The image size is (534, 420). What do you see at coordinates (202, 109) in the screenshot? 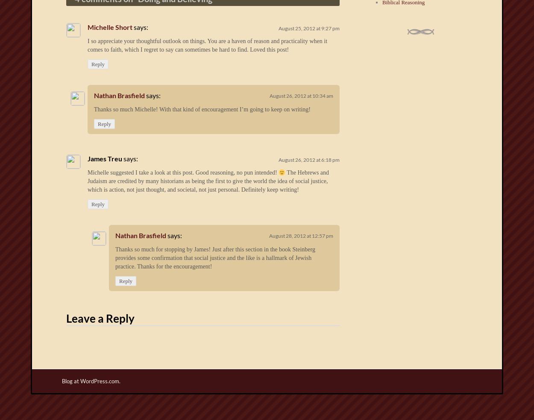
I see `'Thanks so much Michelle! With that kind of encouragement I’m going to keep on writing!'` at bounding box center [202, 109].